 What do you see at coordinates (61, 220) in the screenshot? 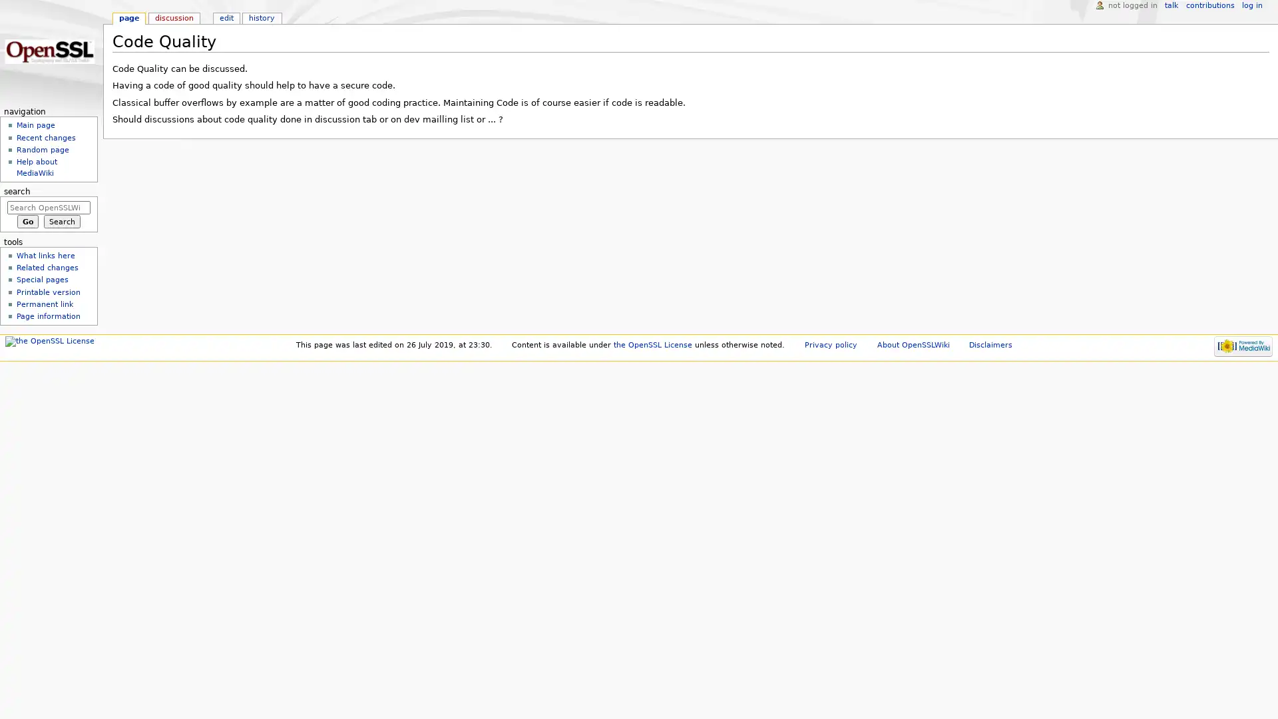
I see `Search` at bounding box center [61, 220].